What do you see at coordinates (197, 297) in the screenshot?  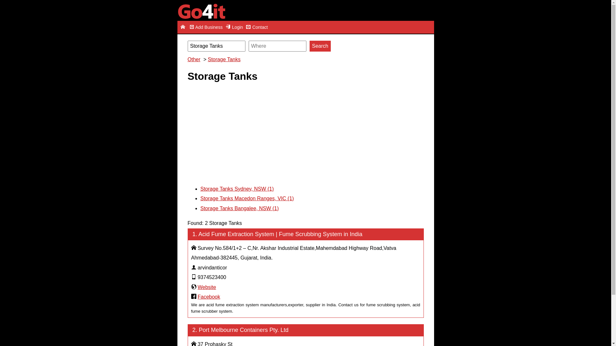 I see `'Facebook'` at bounding box center [197, 297].